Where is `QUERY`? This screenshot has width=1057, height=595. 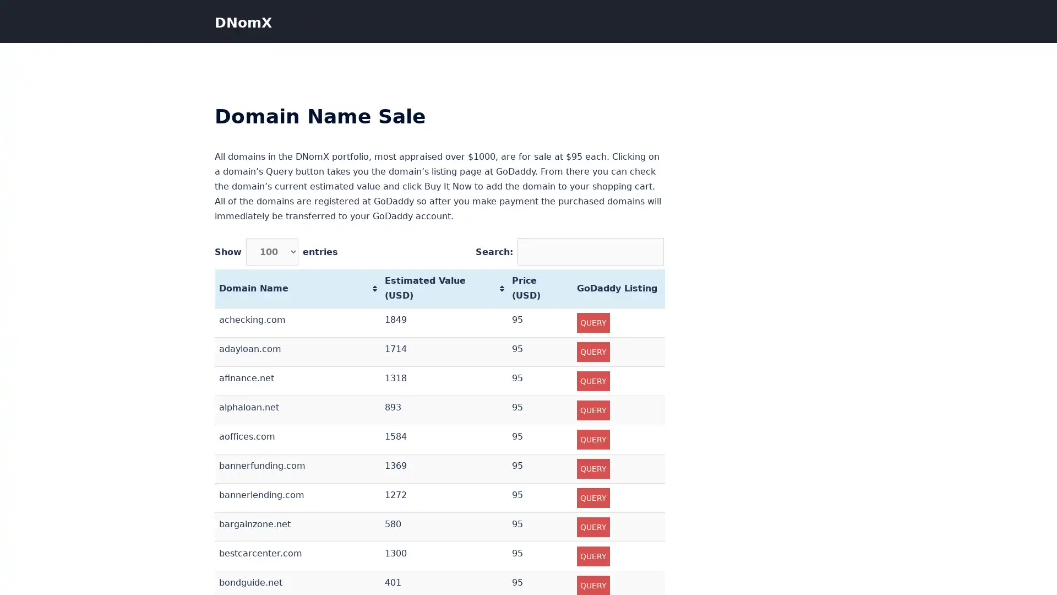 QUERY is located at coordinates (592, 352).